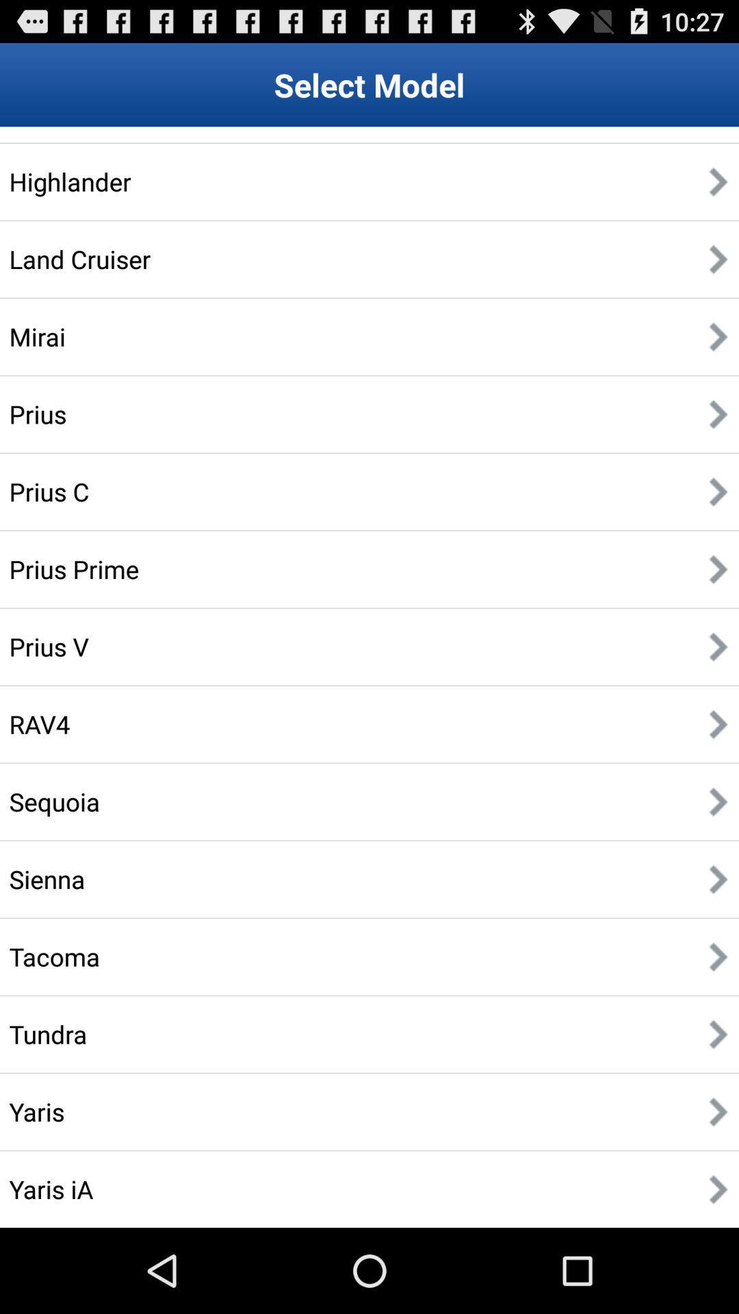 The height and width of the screenshot is (1314, 739). Describe the element at coordinates (53, 955) in the screenshot. I see `tacoma icon` at that location.